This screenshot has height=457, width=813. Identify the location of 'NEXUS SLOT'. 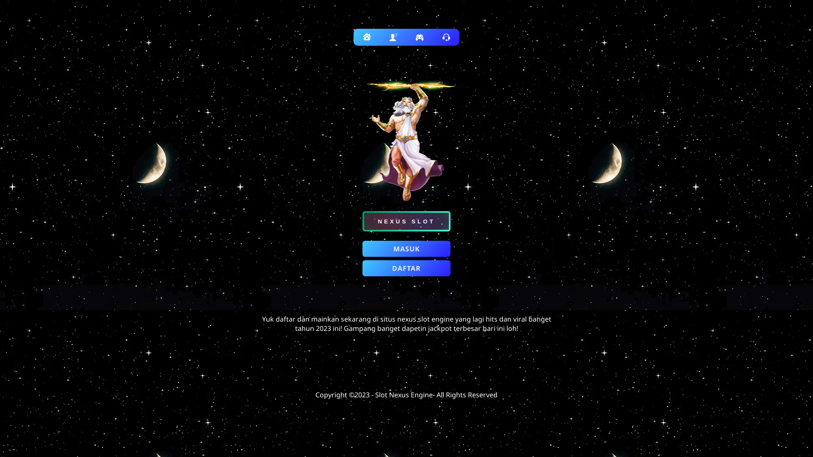
(406, 221).